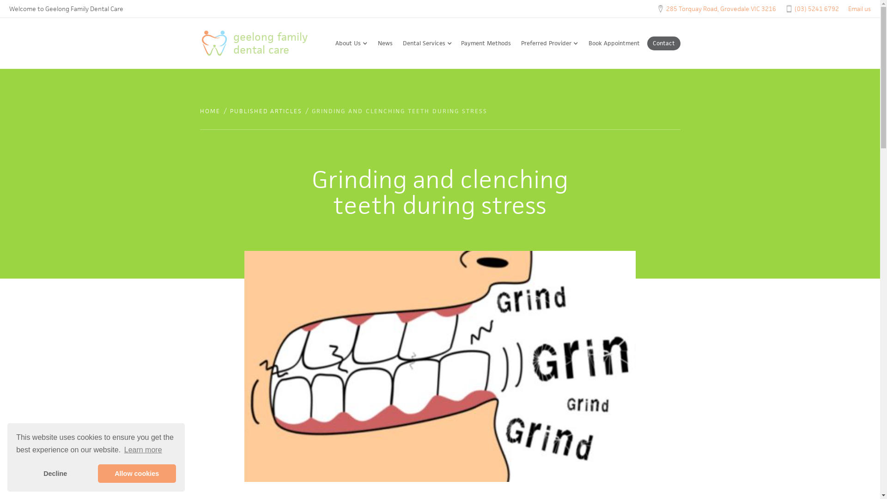 The image size is (887, 499). I want to click on 'HOME', so click(199, 110).